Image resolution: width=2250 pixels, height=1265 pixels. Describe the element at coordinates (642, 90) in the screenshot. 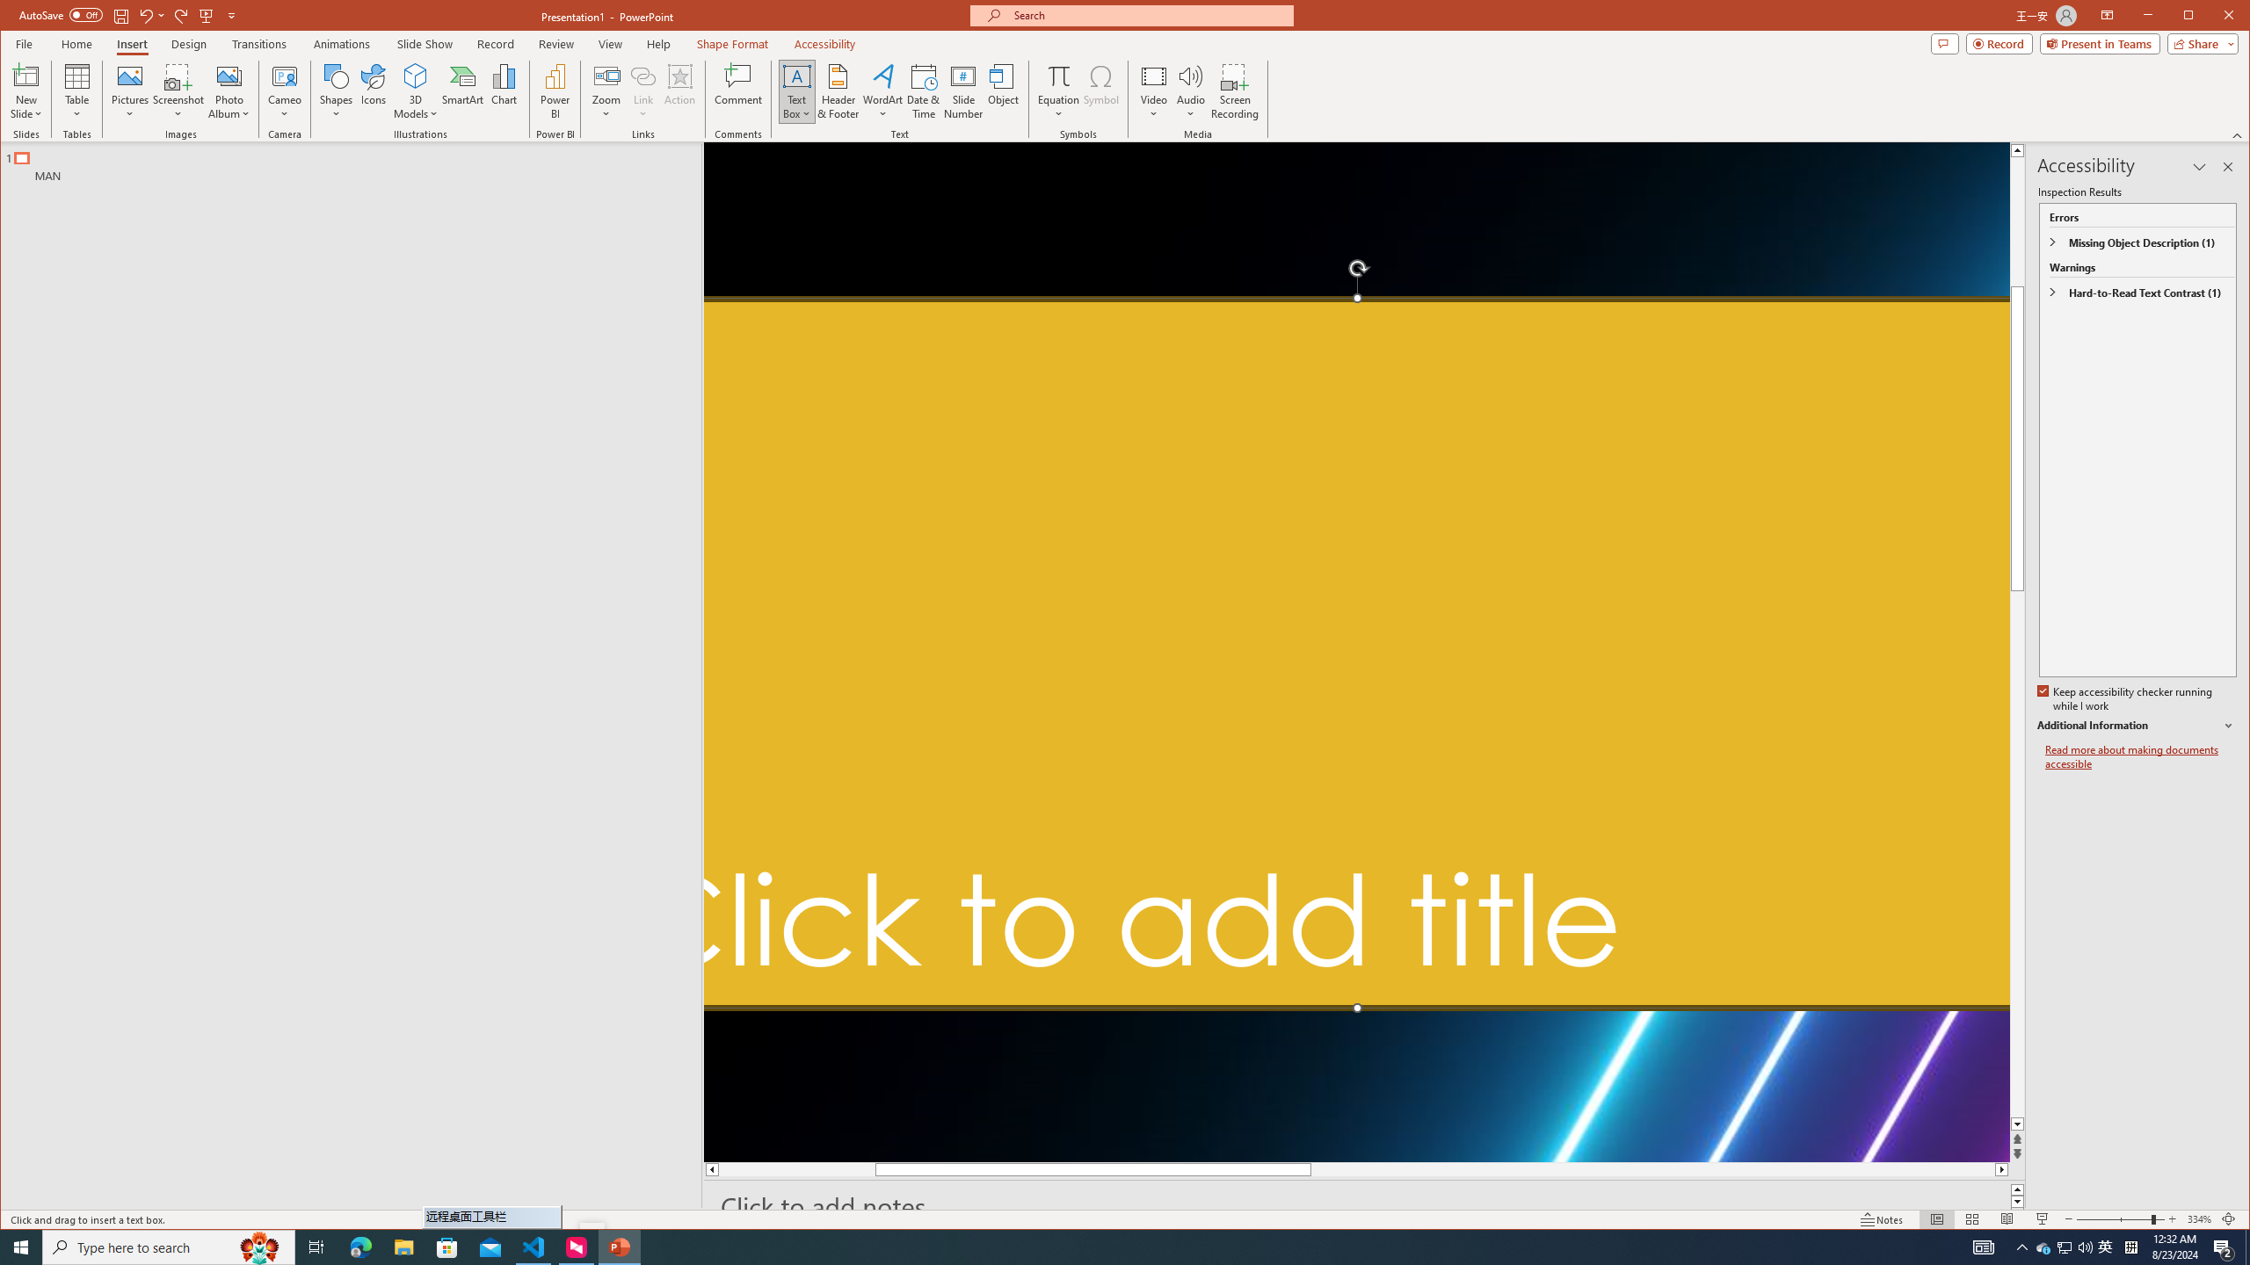

I see `'Link'` at that location.